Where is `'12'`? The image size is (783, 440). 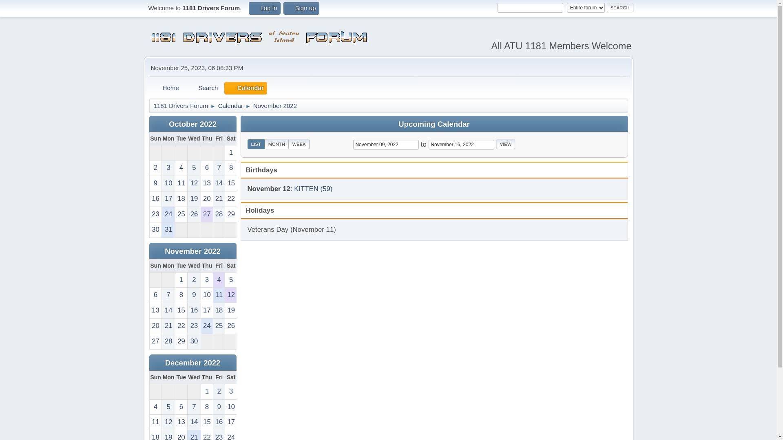 '12' is located at coordinates (230, 295).